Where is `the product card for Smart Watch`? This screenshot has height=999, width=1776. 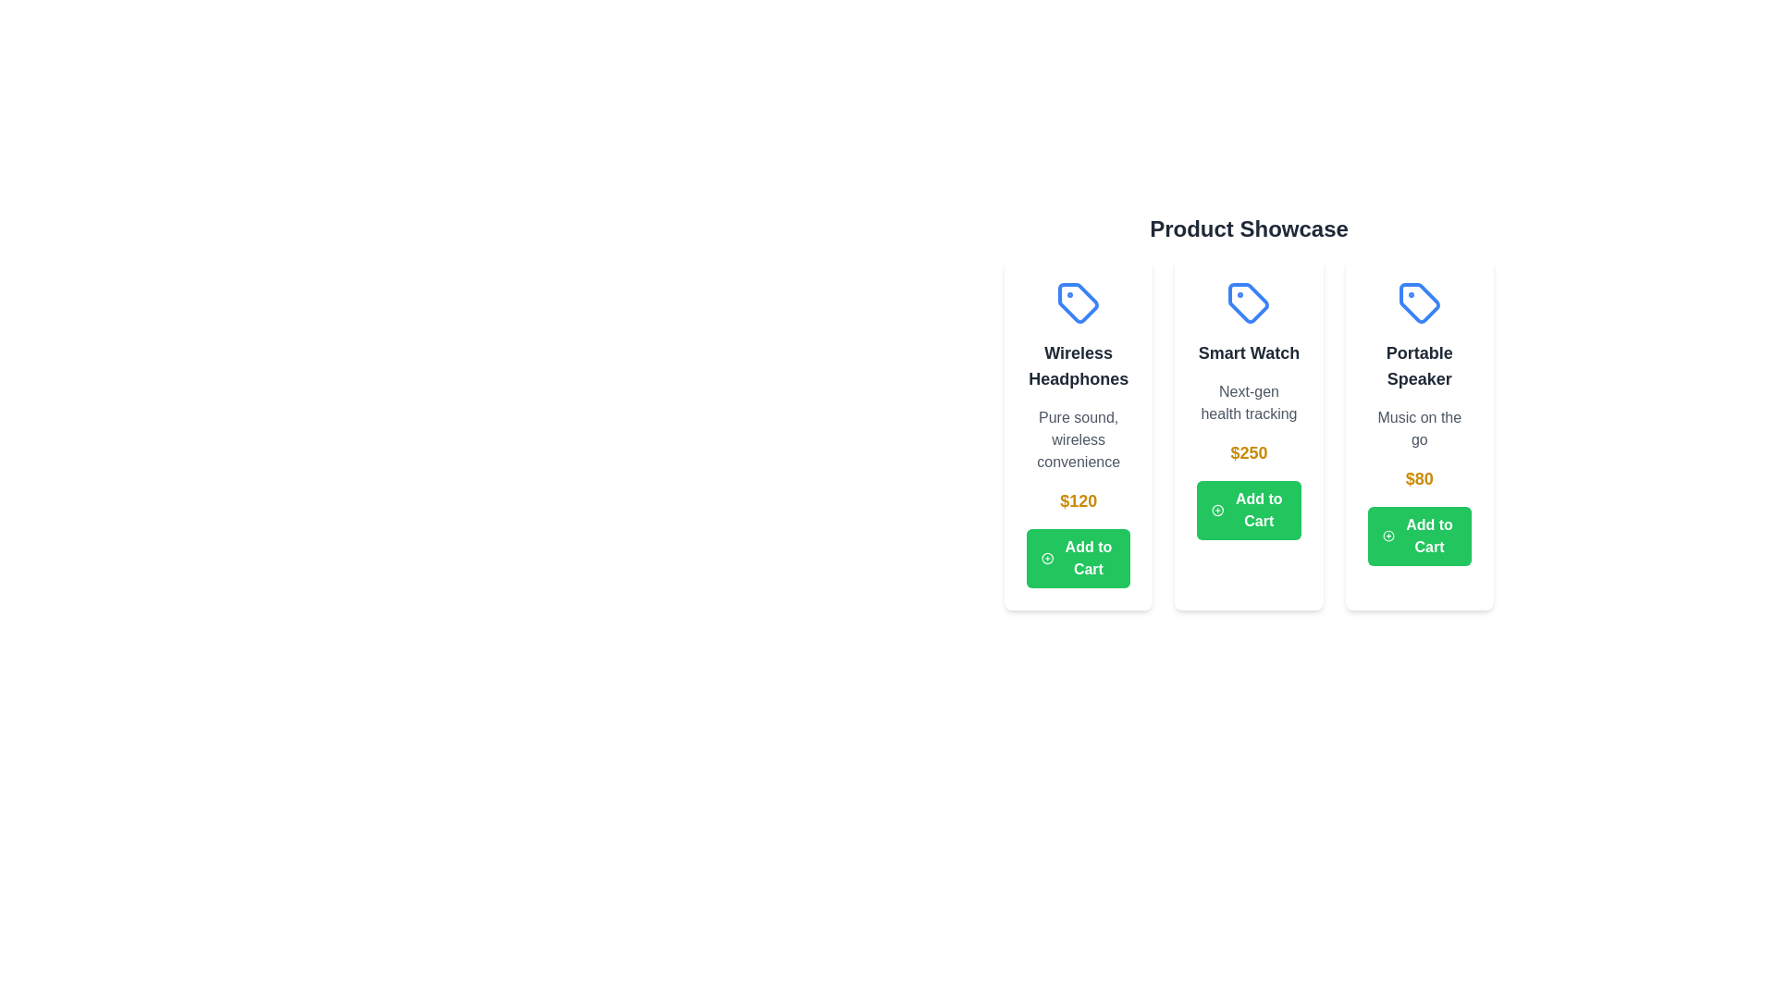 the product card for Smart Watch is located at coordinates (1248, 435).